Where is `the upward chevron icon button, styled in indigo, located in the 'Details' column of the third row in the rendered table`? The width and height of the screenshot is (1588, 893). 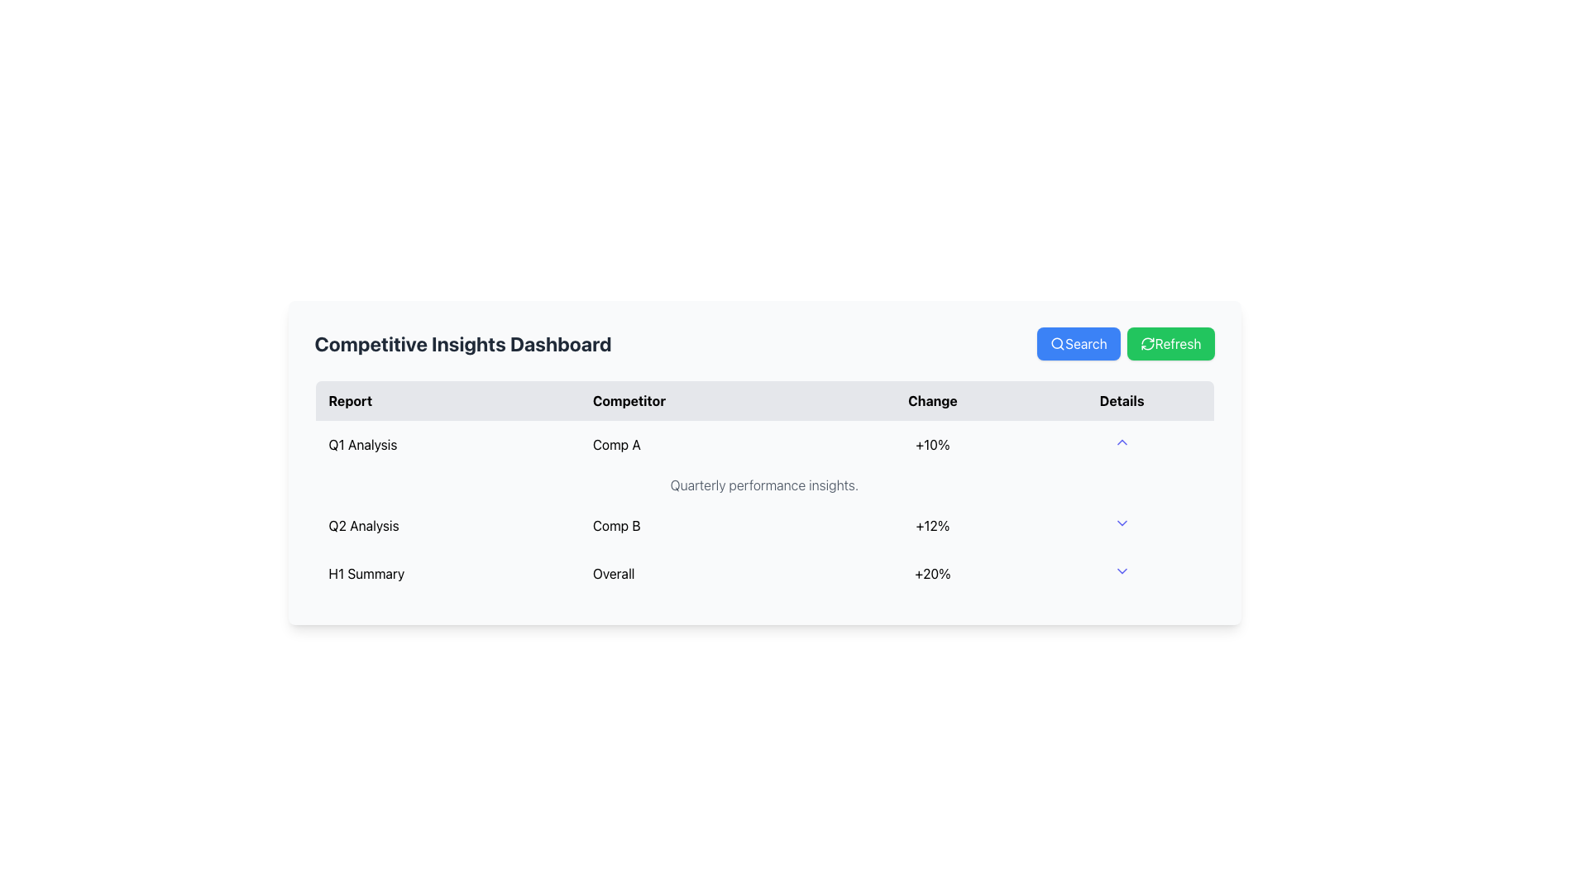
the upward chevron icon button, styled in indigo, located in the 'Details' column of the third row in the rendered table is located at coordinates (1122, 442).